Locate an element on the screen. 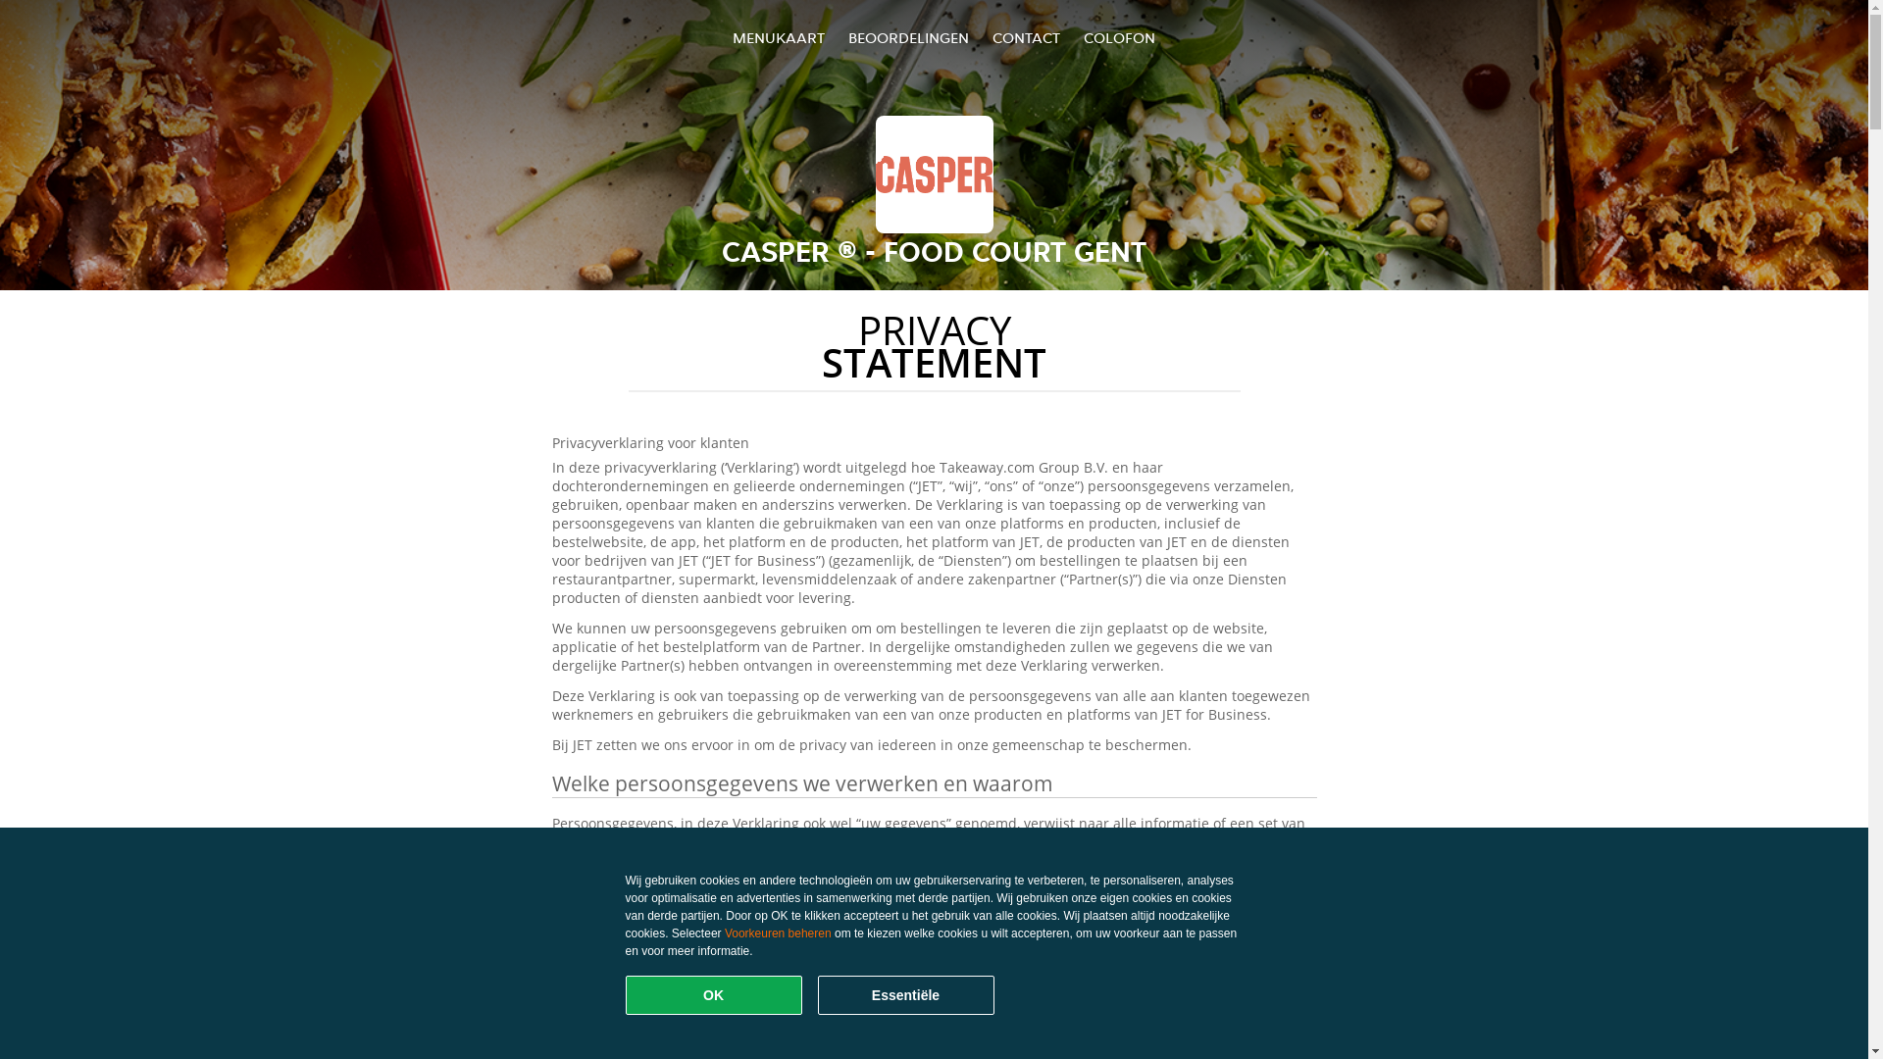 The width and height of the screenshot is (1883, 1059). 'MENUKAART' is located at coordinates (777, 37).